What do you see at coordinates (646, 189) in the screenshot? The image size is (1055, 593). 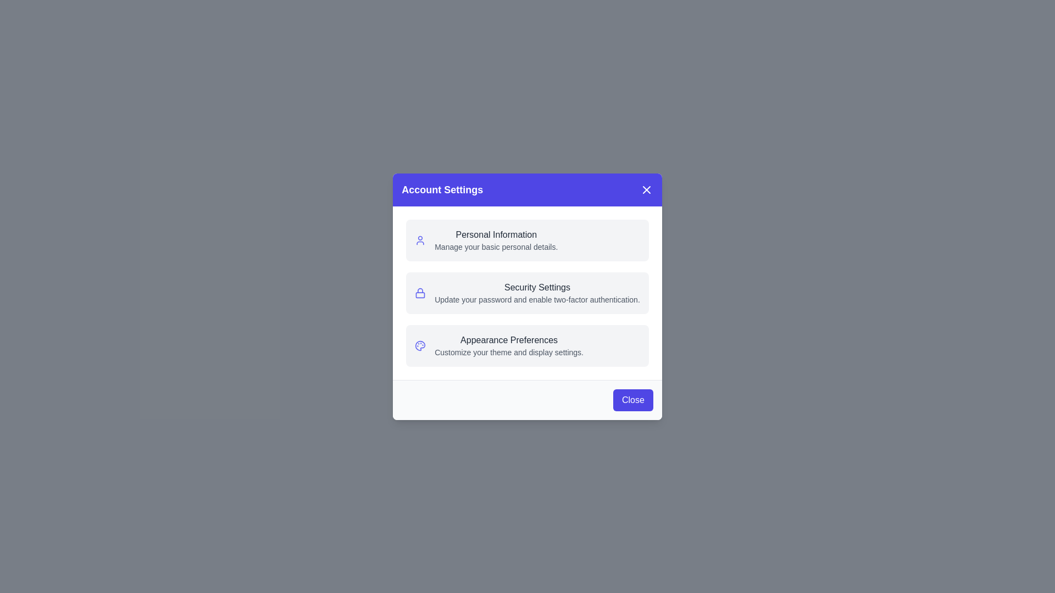 I see `the close button located in the top-right corner of the 'Account Settings' modal` at bounding box center [646, 189].